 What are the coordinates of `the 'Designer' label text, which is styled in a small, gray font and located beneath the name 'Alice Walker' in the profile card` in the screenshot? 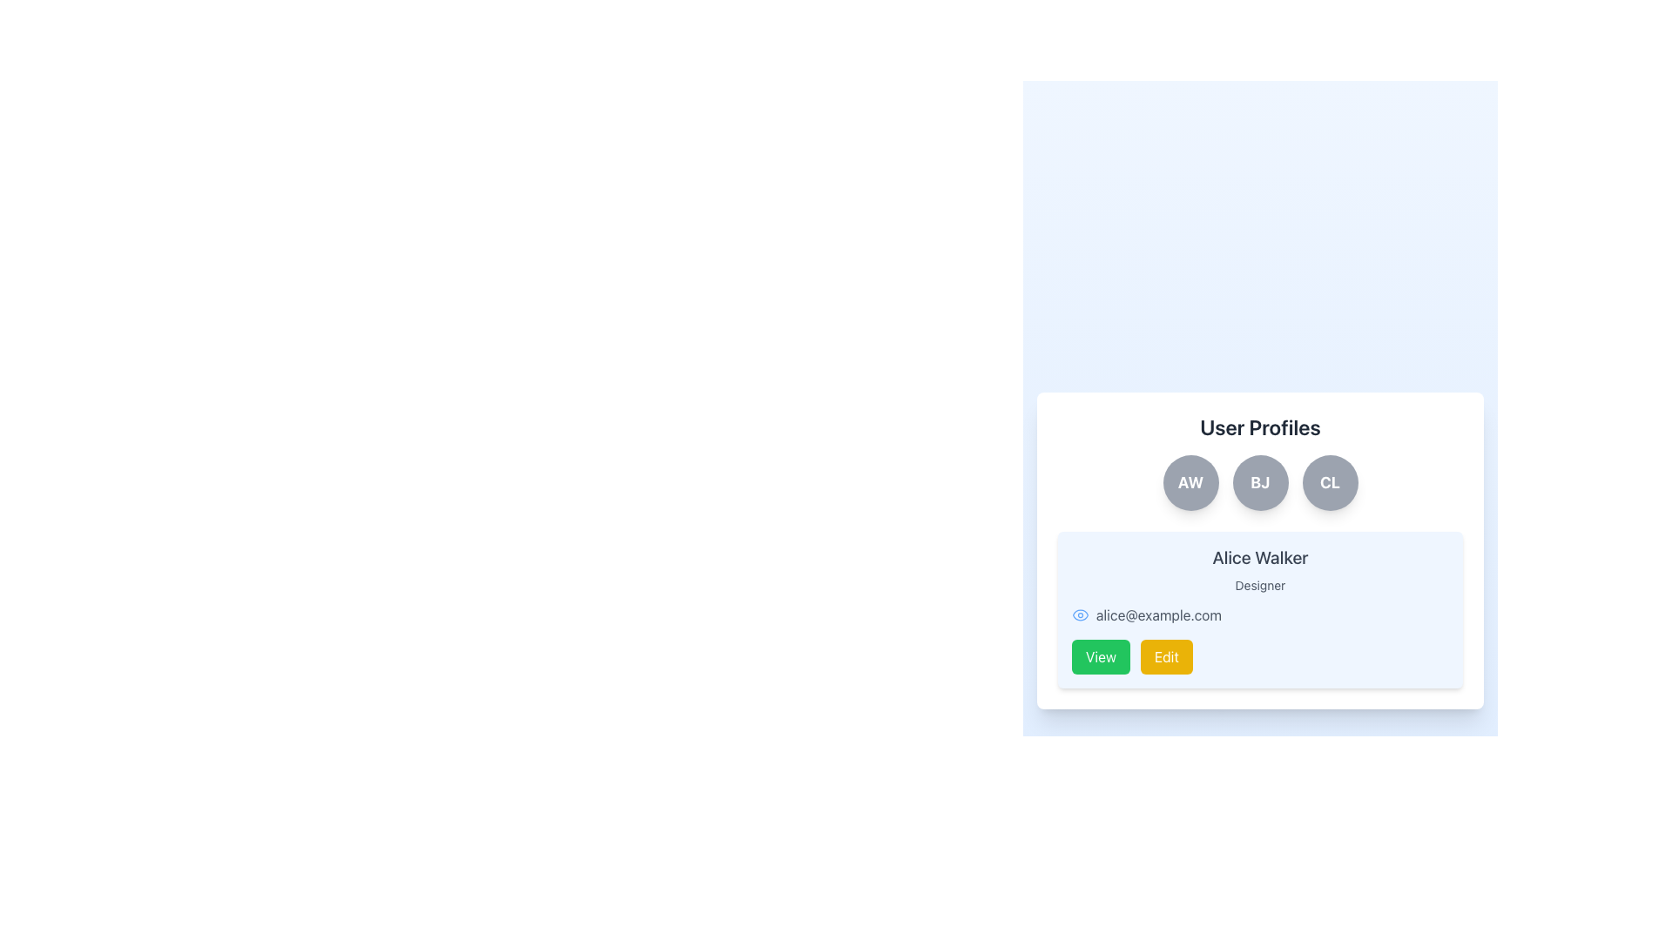 It's located at (1260, 585).